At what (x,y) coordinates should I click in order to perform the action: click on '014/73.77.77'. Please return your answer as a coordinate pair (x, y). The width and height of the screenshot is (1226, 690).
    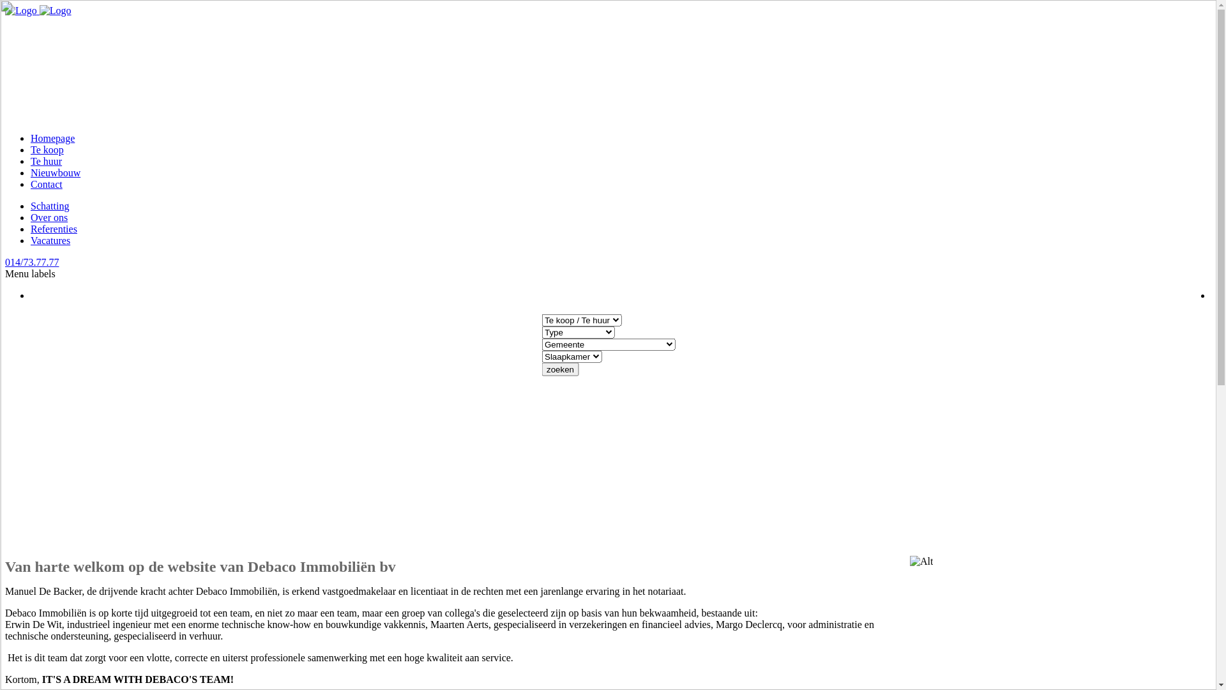
    Looking at the image, I should click on (31, 261).